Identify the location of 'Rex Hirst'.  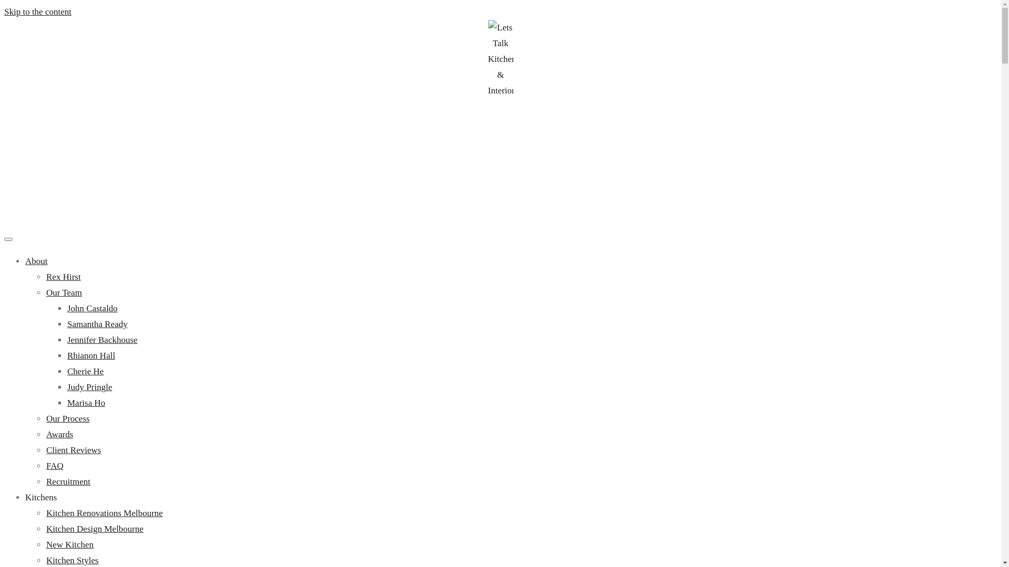
(63, 276).